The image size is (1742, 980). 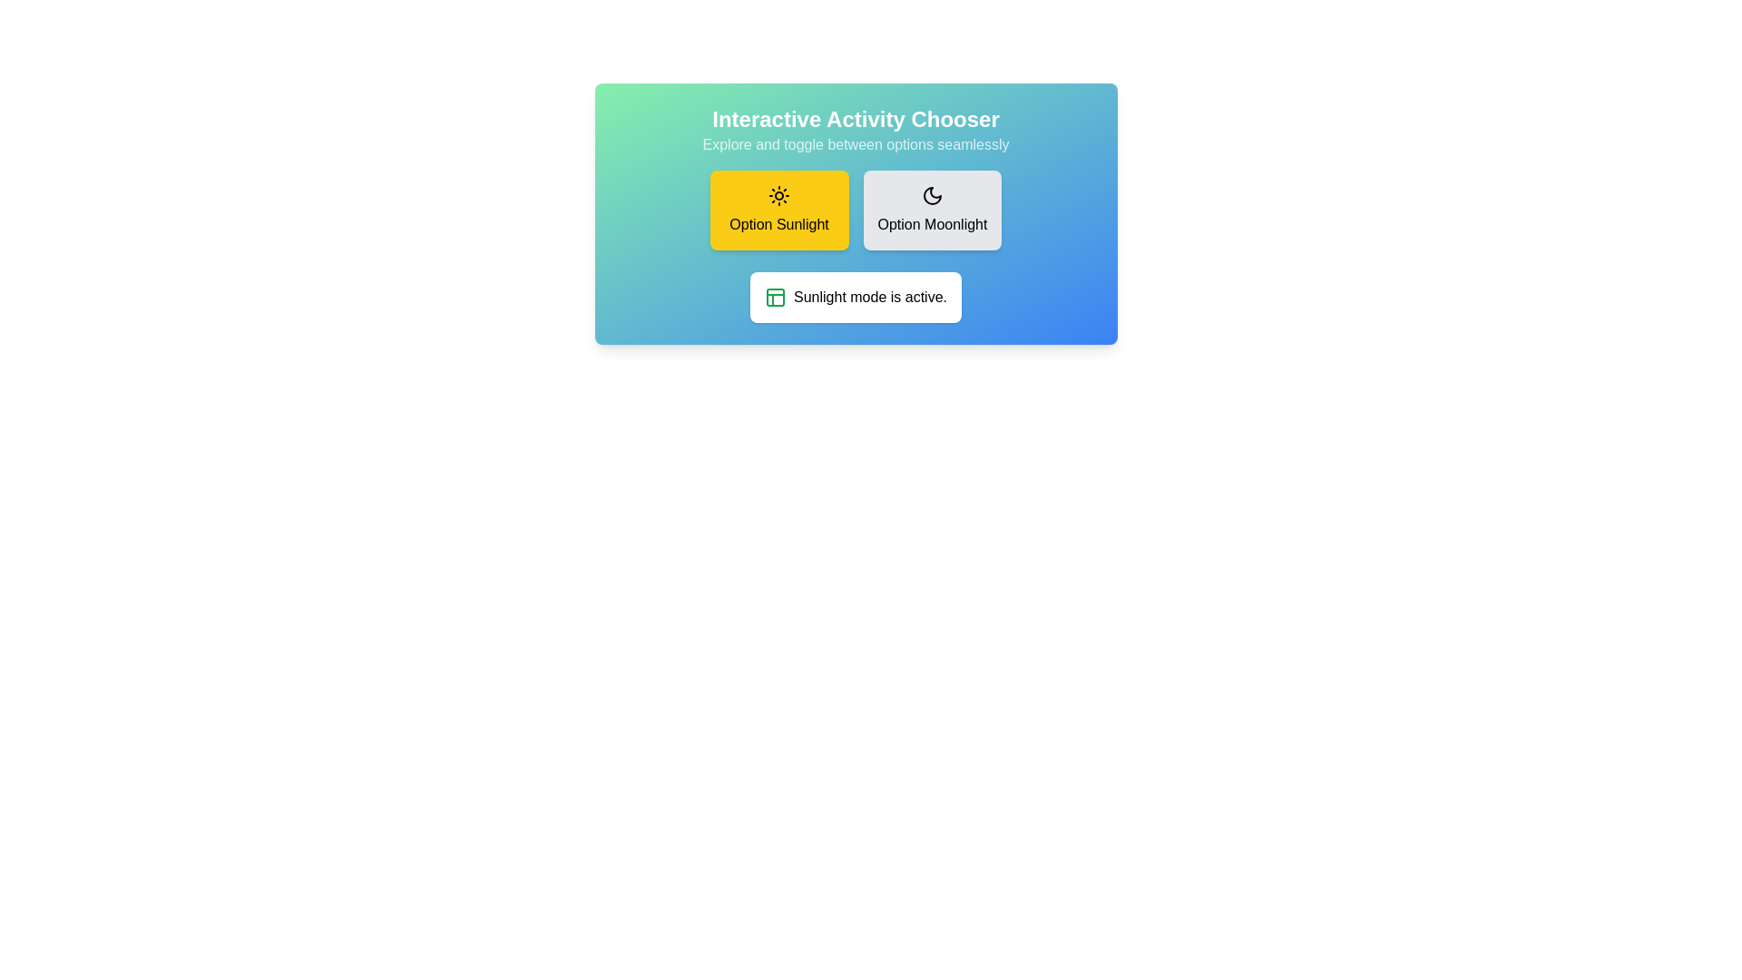 What do you see at coordinates (855, 296) in the screenshot?
I see `status message from the Text with Icon that indicates the sunlight mode is currently active, which is positioned centrally below the 'Option Sunlight' and 'Option Moonlight' buttons` at bounding box center [855, 296].